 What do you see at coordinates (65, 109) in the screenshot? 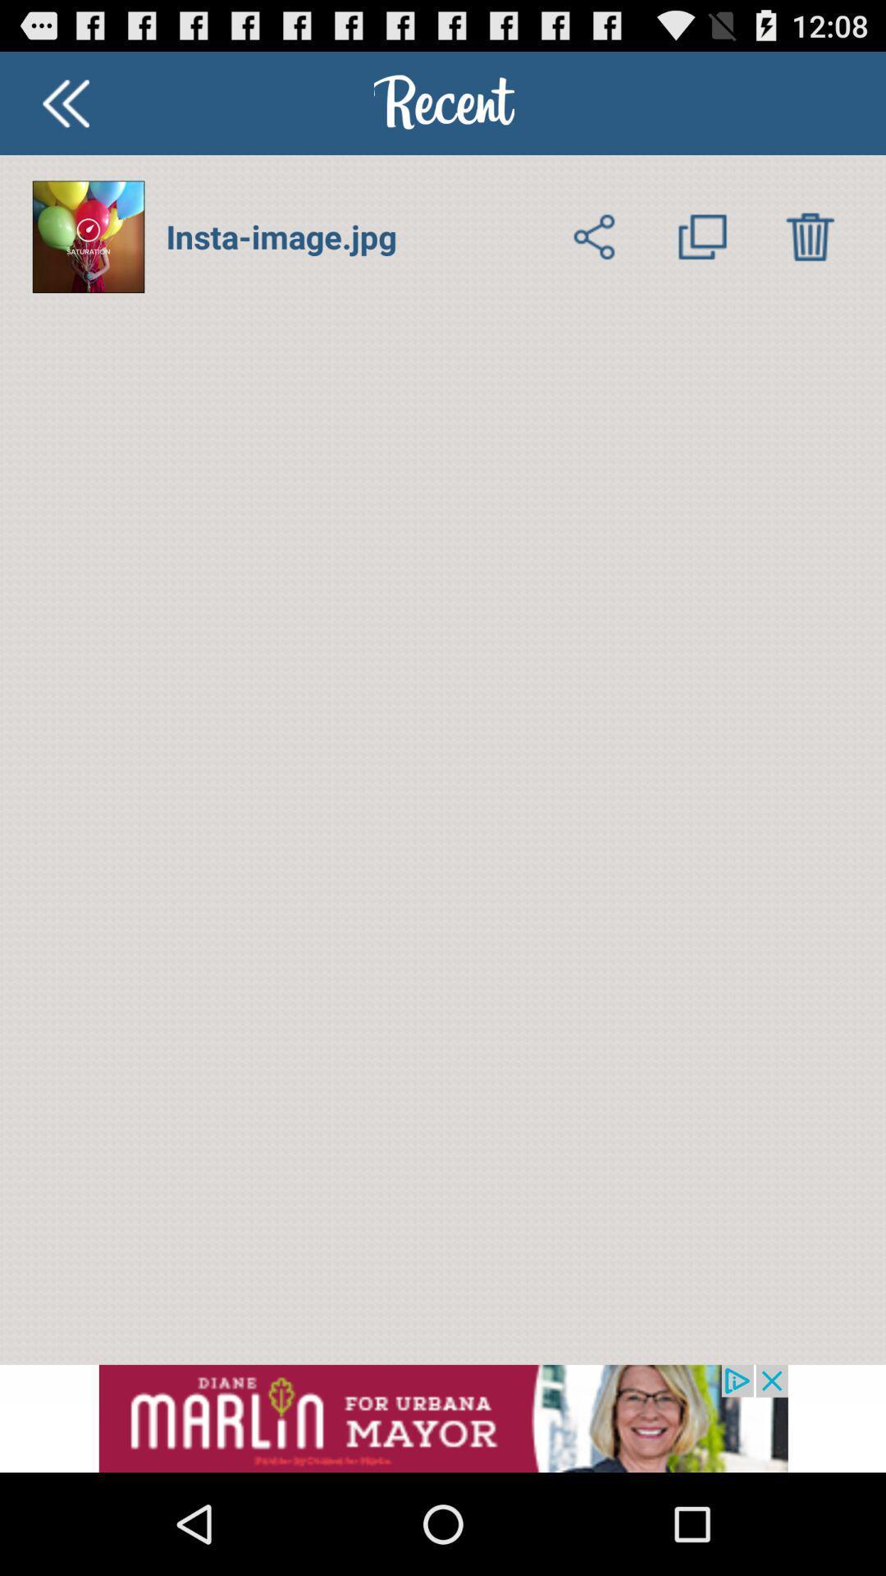
I see `the av_rewind icon` at bounding box center [65, 109].